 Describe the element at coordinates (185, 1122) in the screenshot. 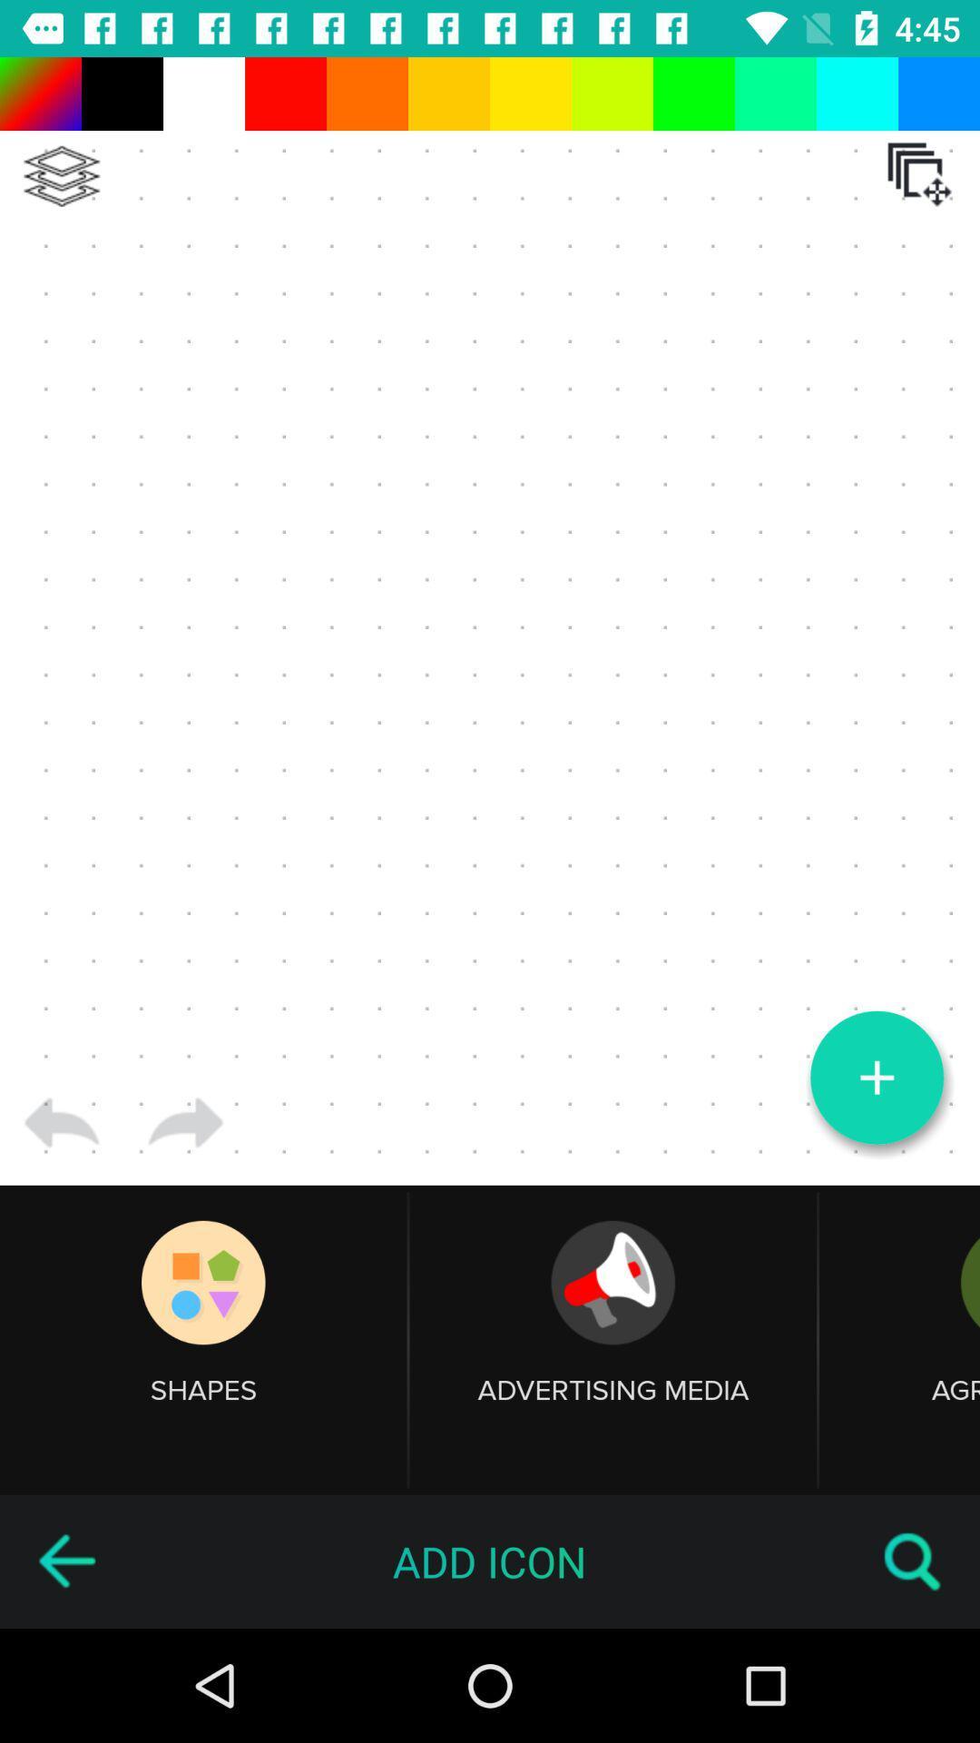

I see `next` at that location.